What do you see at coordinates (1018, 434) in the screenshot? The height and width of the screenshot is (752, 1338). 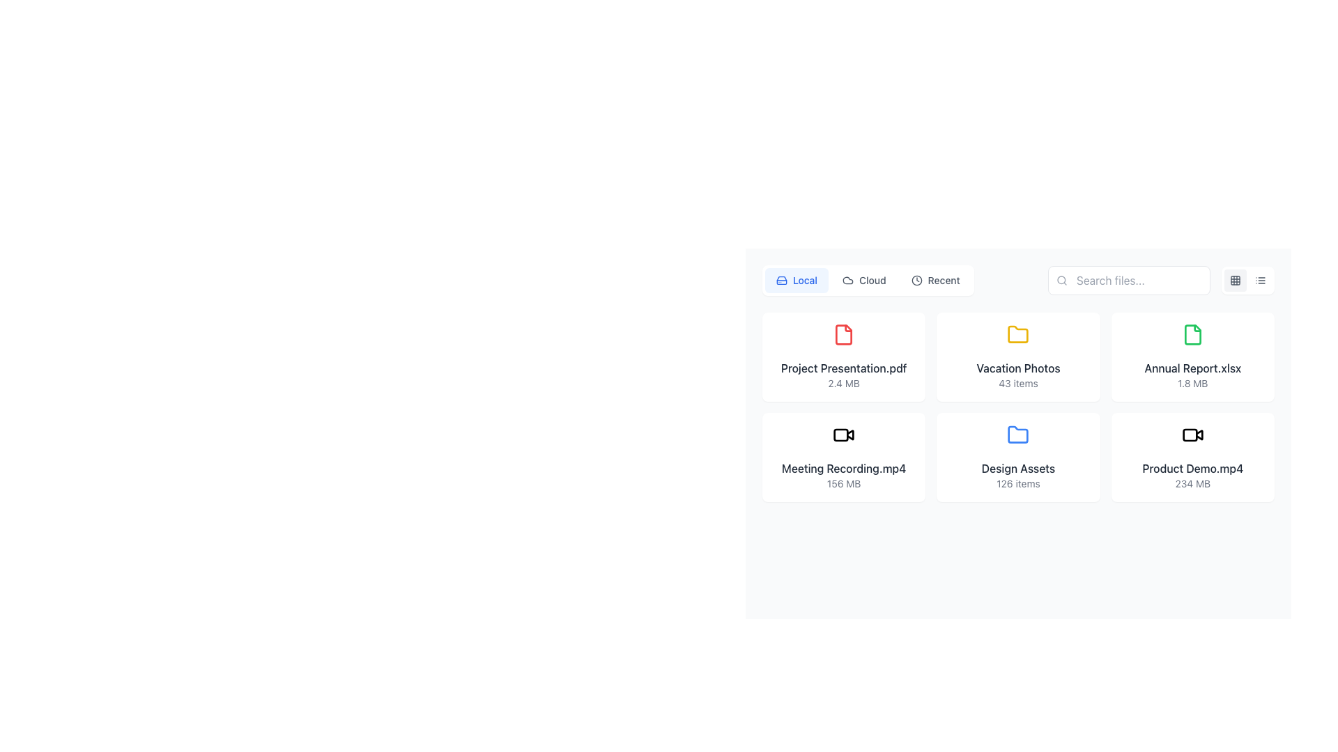 I see `the 'Design Assets' folder icon, which is the second element from the left in the lower row of the grid layout` at bounding box center [1018, 434].